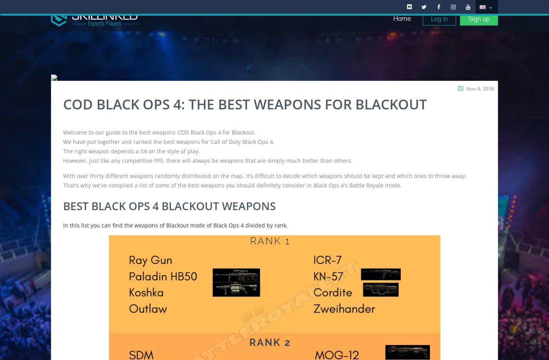 The height and width of the screenshot is (360, 549). What do you see at coordinates (480, 89) in the screenshot?
I see `'Nov 9, 2018'` at bounding box center [480, 89].